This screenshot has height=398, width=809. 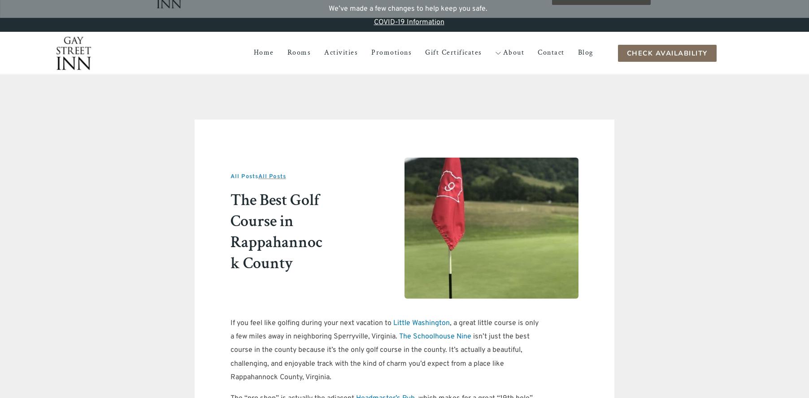 I want to click on 'About', so click(x=513, y=52).